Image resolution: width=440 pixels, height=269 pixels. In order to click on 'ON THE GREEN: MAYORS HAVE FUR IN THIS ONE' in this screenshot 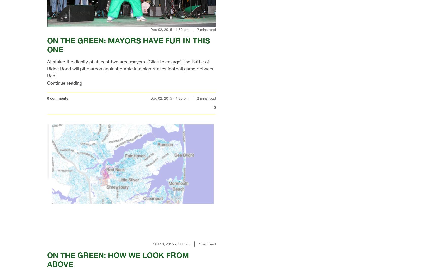, I will do `click(128, 45)`.